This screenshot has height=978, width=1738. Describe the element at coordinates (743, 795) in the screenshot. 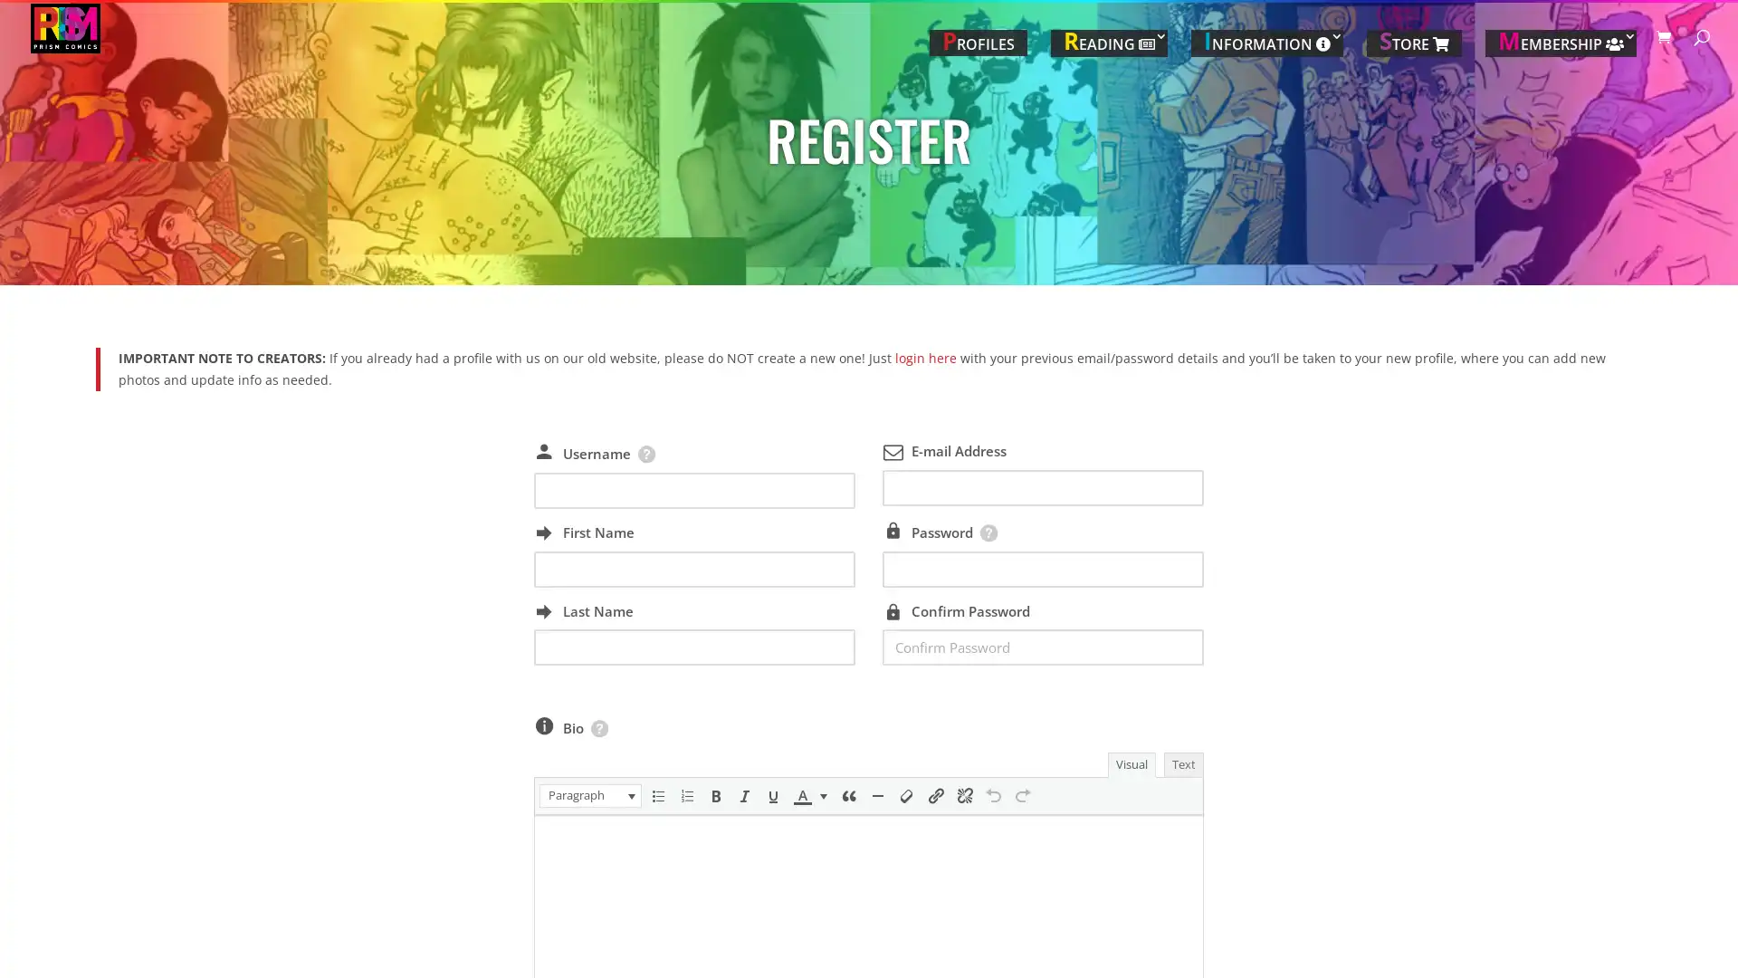

I see `Italic (I)` at that location.